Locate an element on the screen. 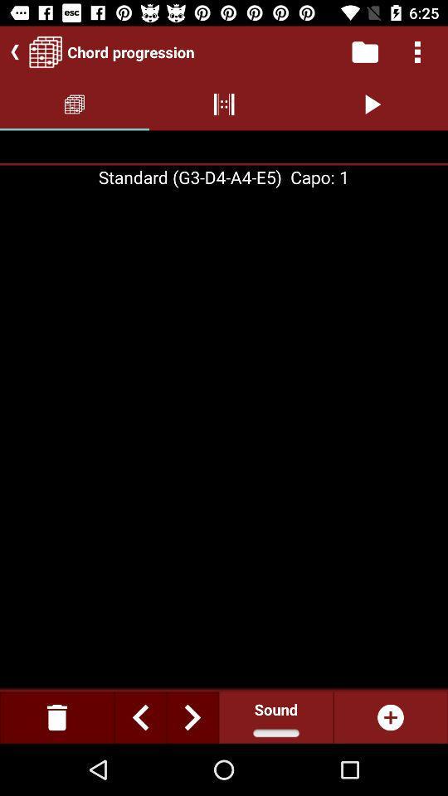 The height and width of the screenshot is (796, 448). the arrow_backward icon is located at coordinates (11, 51).